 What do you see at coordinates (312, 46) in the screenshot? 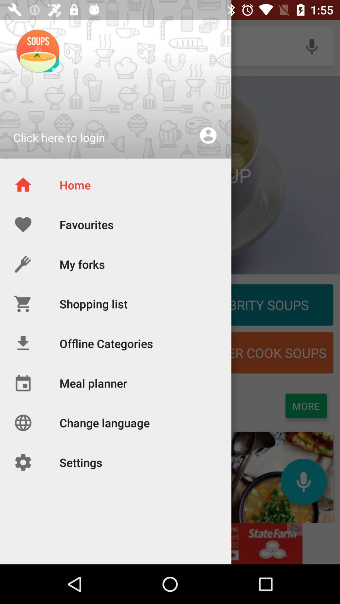
I see `the microphone icon` at bounding box center [312, 46].